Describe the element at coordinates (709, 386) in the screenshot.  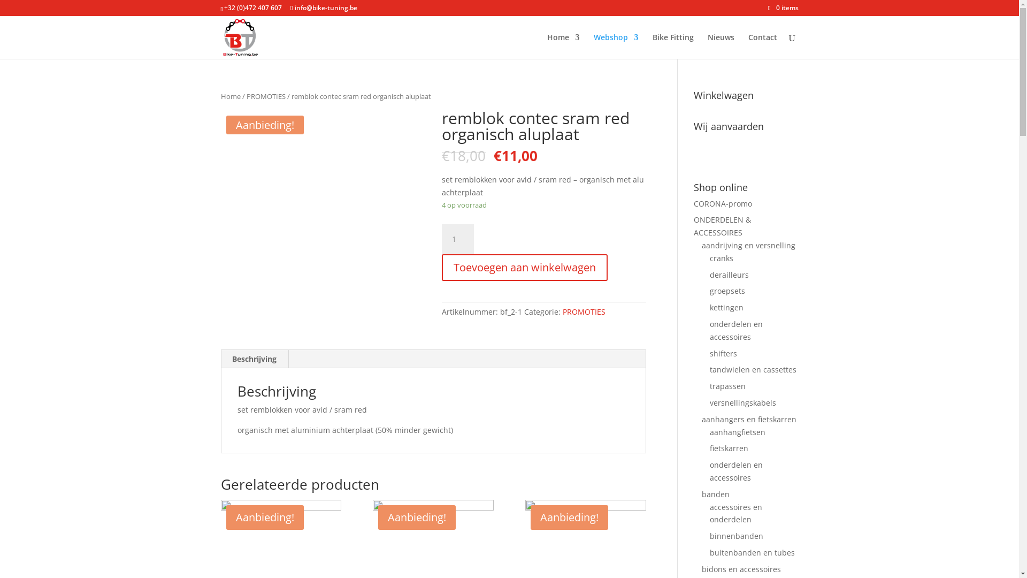
I see `'trapassen'` at that location.